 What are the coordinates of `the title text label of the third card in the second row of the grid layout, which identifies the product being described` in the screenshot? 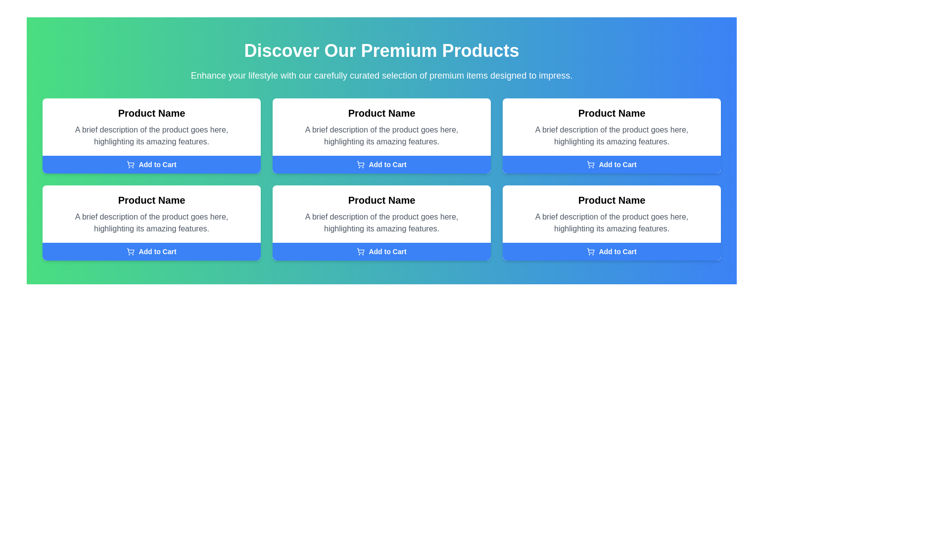 It's located at (381, 200).